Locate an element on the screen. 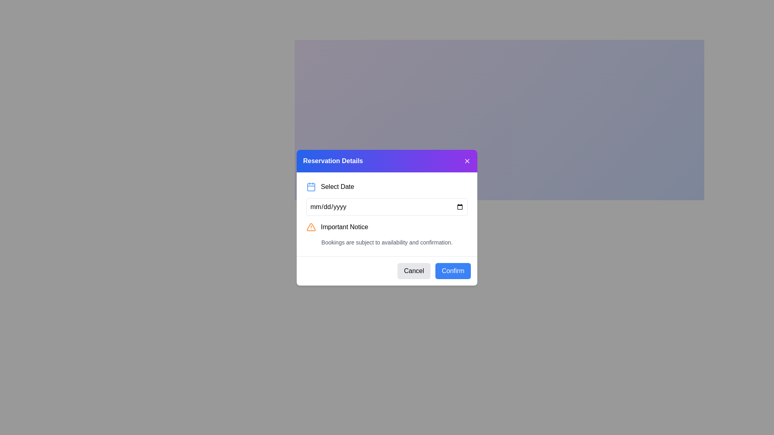 The height and width of the screenshot is (435, 774). the calendar icon that represents the 'Select Date' feature, located to the left of the 'Select Date' text in the 'Reservation Details' dialog box is located at coordinates (311, 186).